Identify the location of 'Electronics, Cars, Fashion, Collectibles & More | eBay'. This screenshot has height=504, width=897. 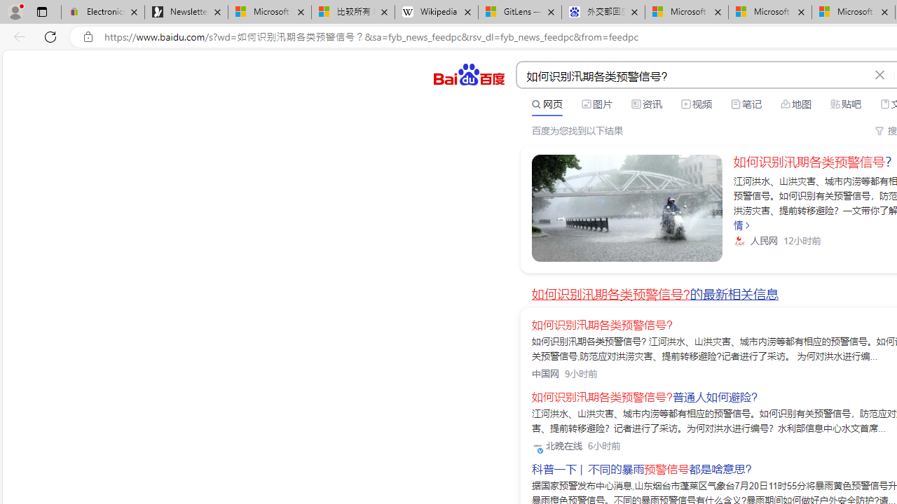
(102, 12).